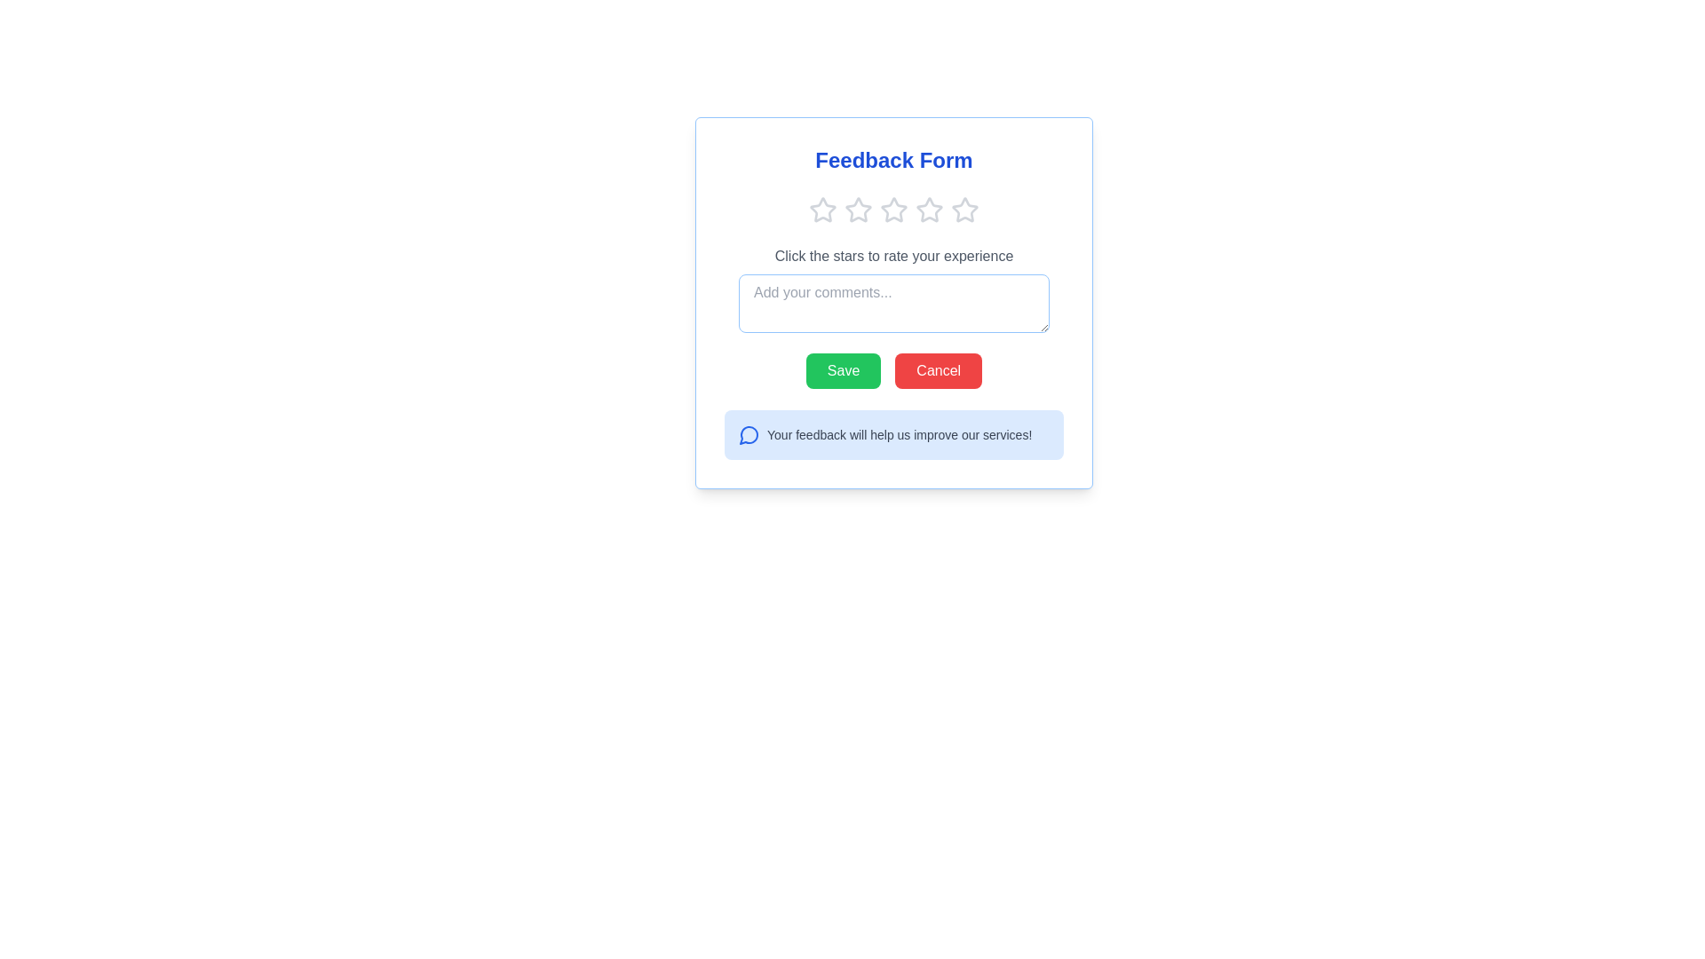 Image resolution: width=1705 pixels, height=959 pixels. Describe the element at coordinates (857, 208) in the screenshot. I see `the second star icon in the rating system` at that location.